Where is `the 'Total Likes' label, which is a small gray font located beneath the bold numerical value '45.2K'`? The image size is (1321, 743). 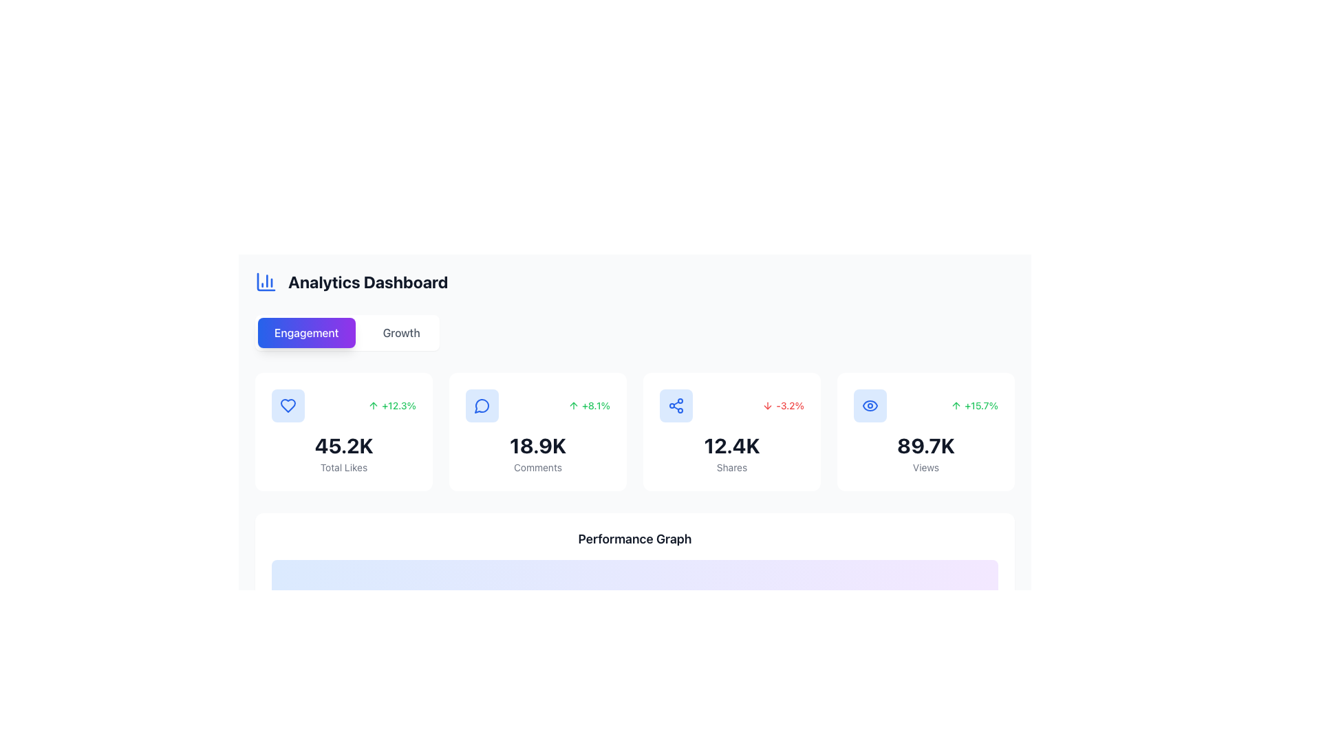 the 'Total Likes' label, which is a small gray font located beneath the bold numerical value '45.2K' is located at coordinates (343, 466).